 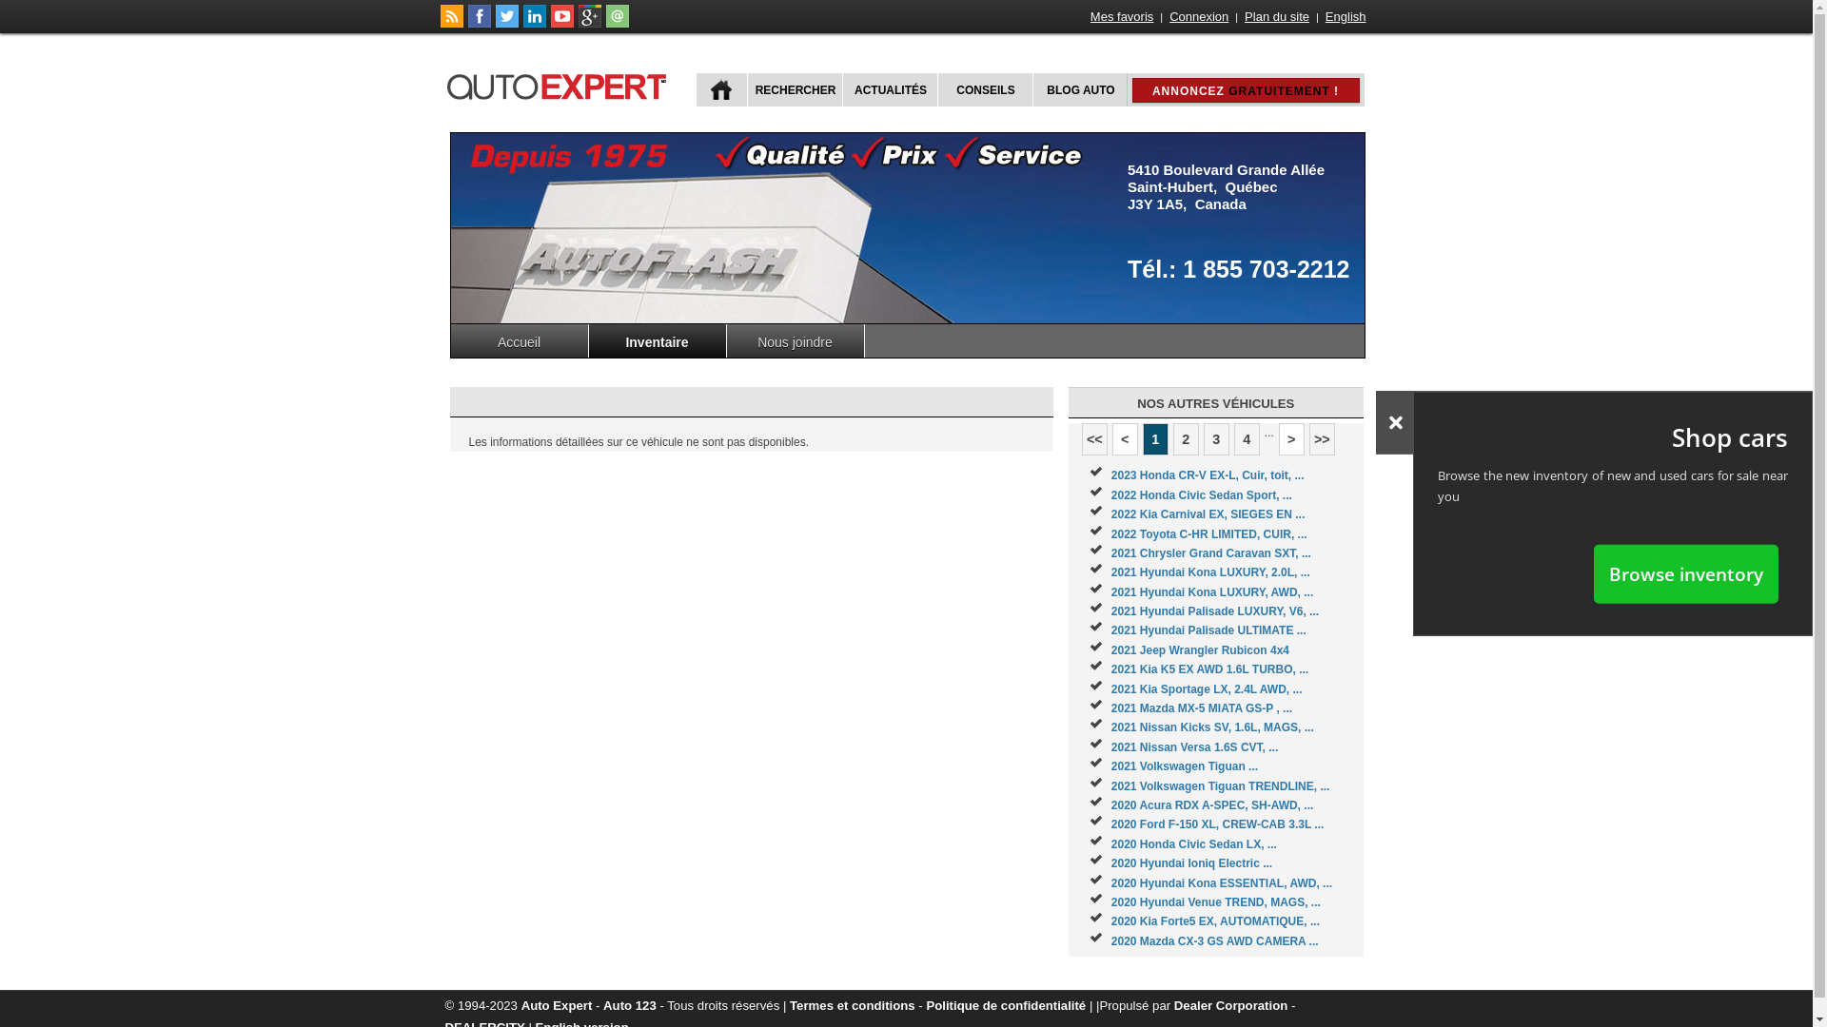 I want to click on 'Suivez autoExpert.ca sur Twitter', so click(x=506, y=23).